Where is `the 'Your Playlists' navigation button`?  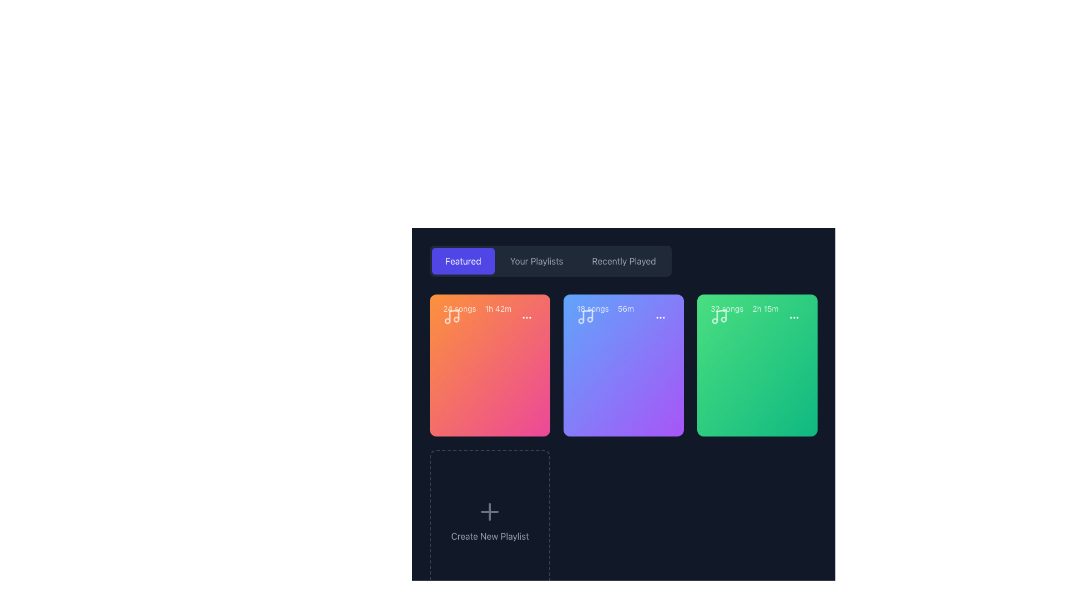 the 'Your Playlists' navigation button is located at coordinates (536, 261).